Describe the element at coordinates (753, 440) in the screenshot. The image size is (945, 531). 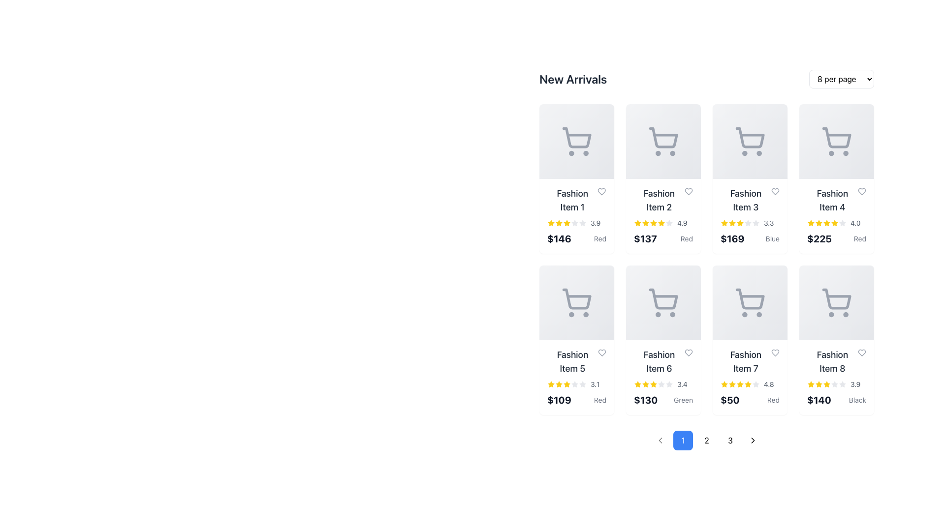
I see `the right-pointing chevron arrow button for pagination located below the product grid, next to the button labeled '3'` at that location.